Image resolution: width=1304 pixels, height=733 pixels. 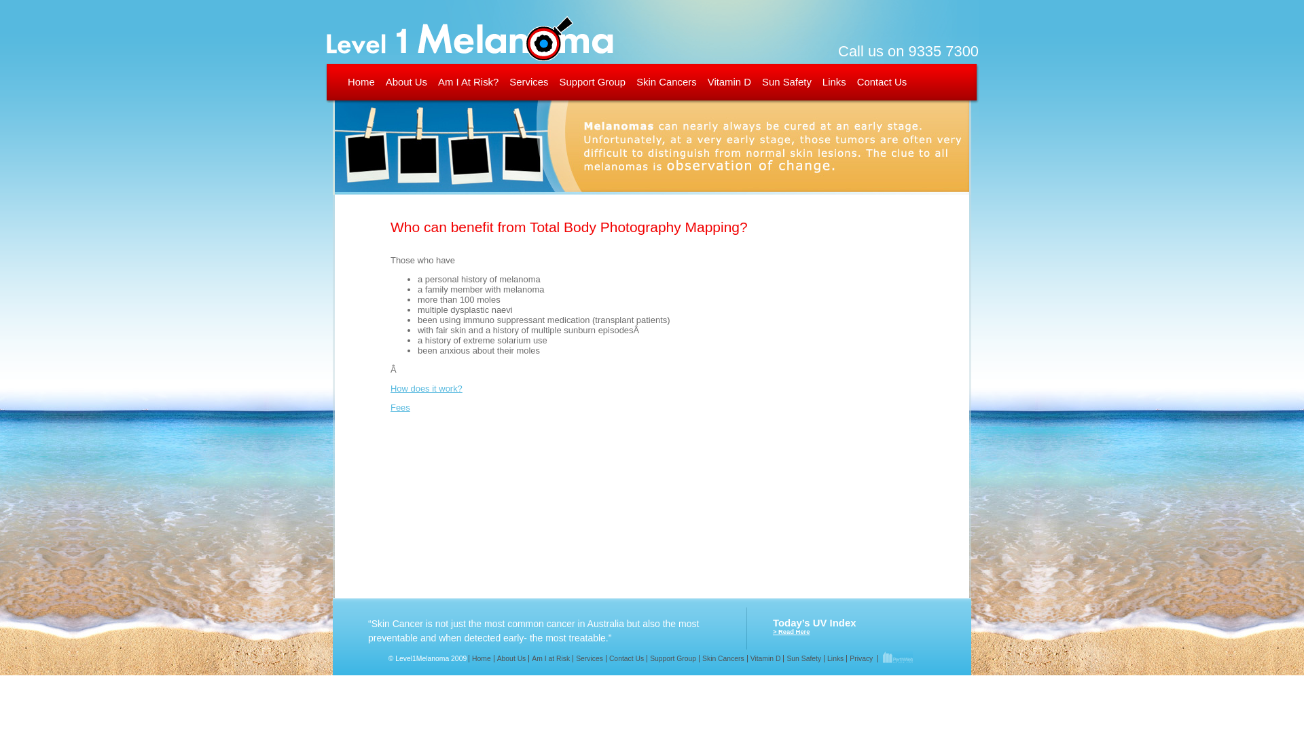 I want to click on 'Home', so click(x=348, y=81).